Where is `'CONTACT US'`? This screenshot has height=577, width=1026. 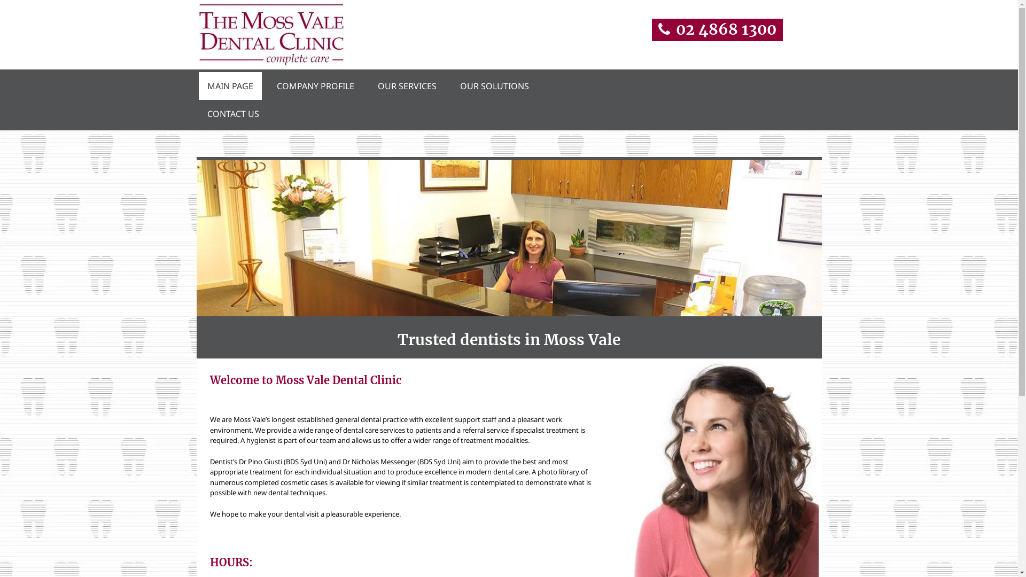 'CONTACT US' is located at coordinates (232, 113).